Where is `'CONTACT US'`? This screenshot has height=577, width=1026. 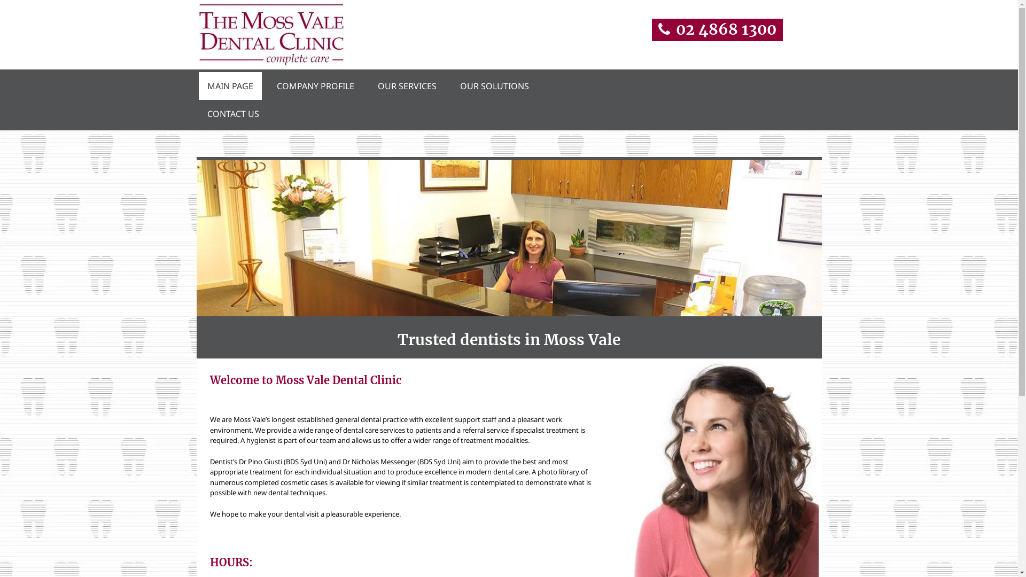 'CONTACT US' is located at coordinates (232, 113).